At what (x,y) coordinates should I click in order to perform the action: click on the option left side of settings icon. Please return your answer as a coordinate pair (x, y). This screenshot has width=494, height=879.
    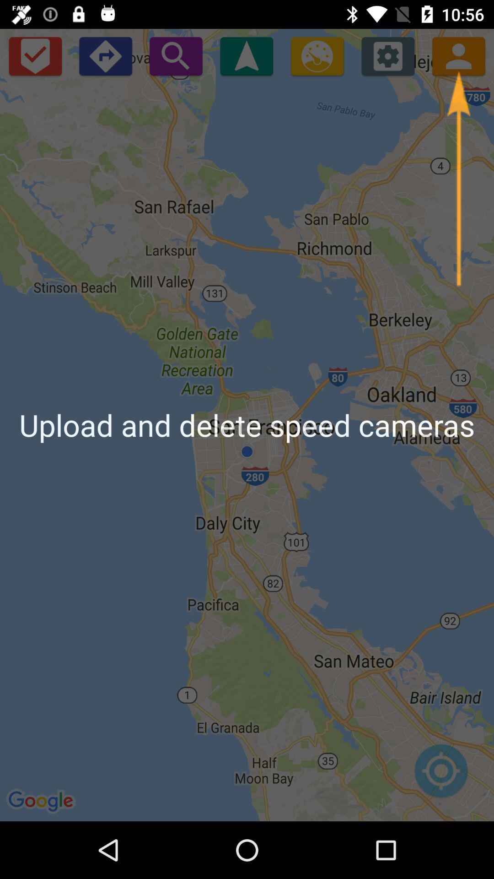
    Looking at the image, I should click on (317, 55).